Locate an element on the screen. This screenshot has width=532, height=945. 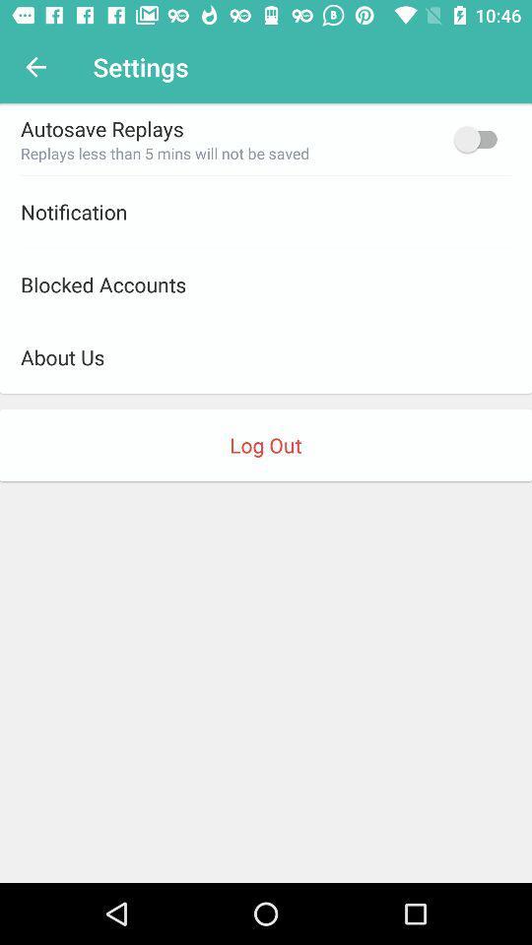
item above autosave replays is located at coordinates (35, 67).